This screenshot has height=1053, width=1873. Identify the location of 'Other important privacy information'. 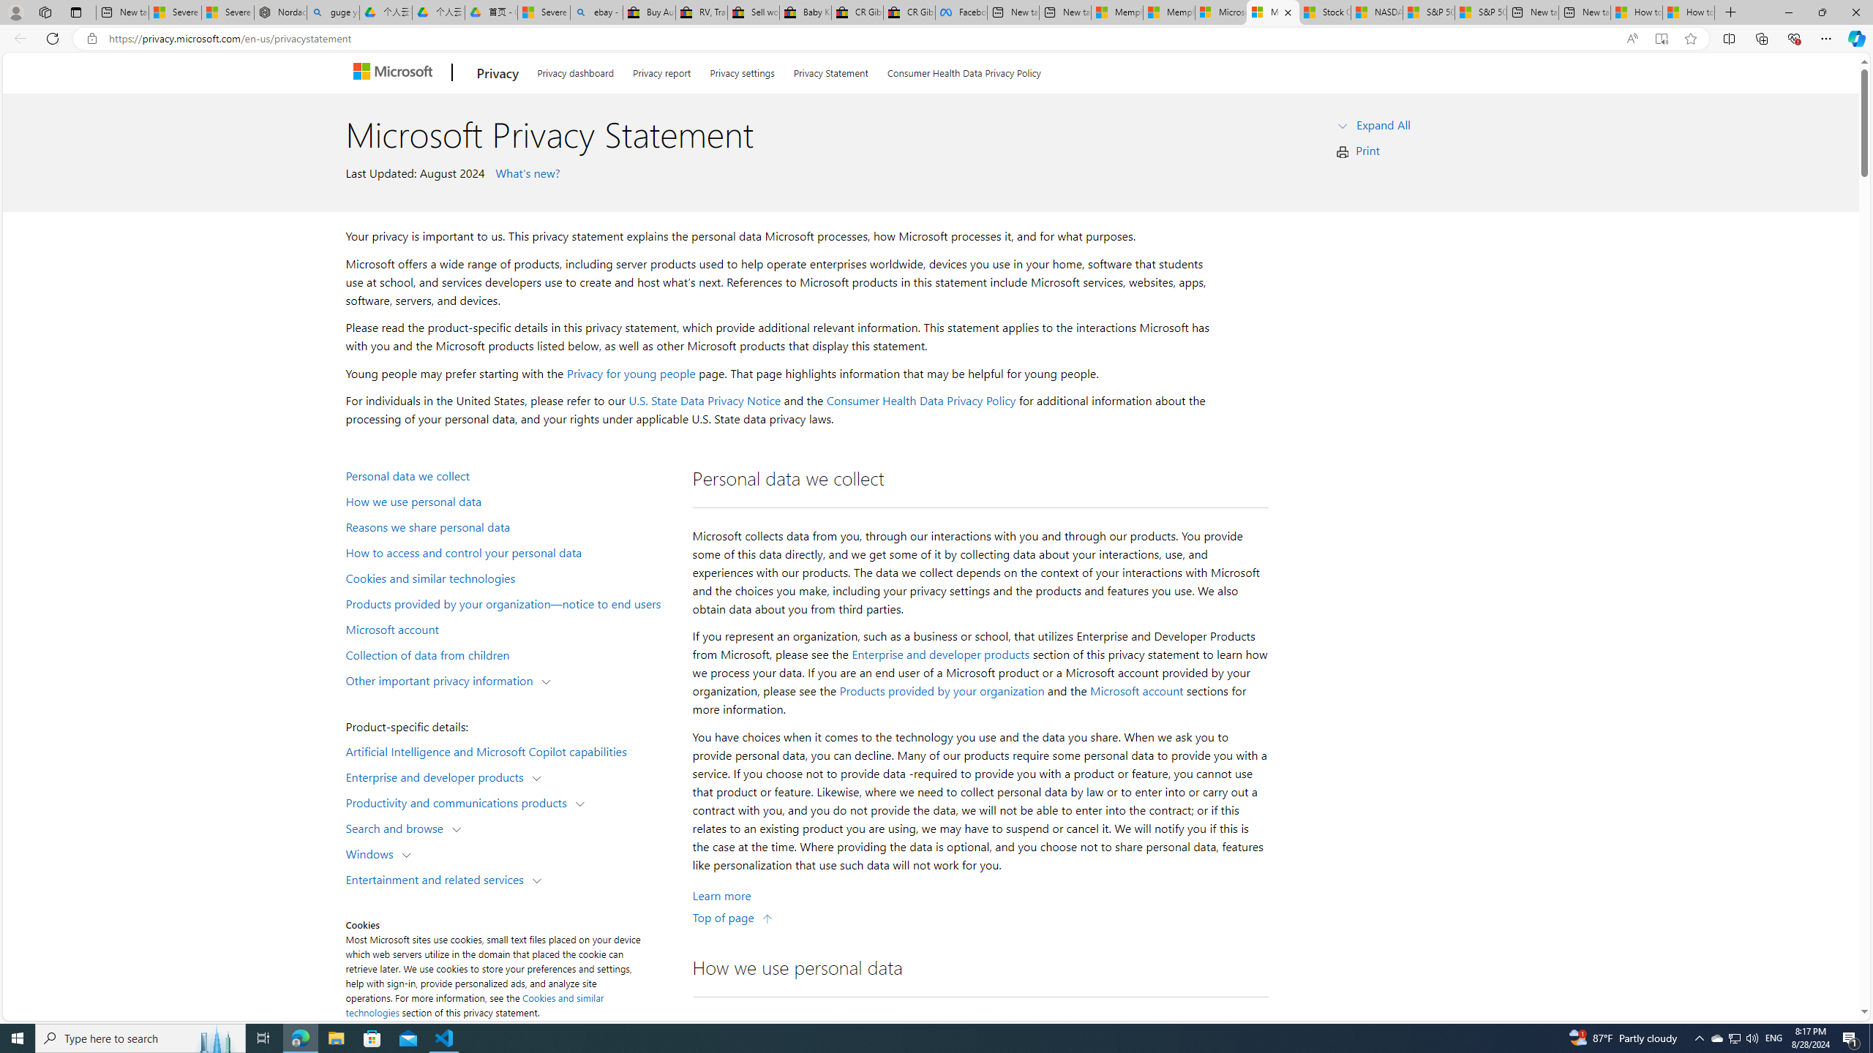
(442, 679).